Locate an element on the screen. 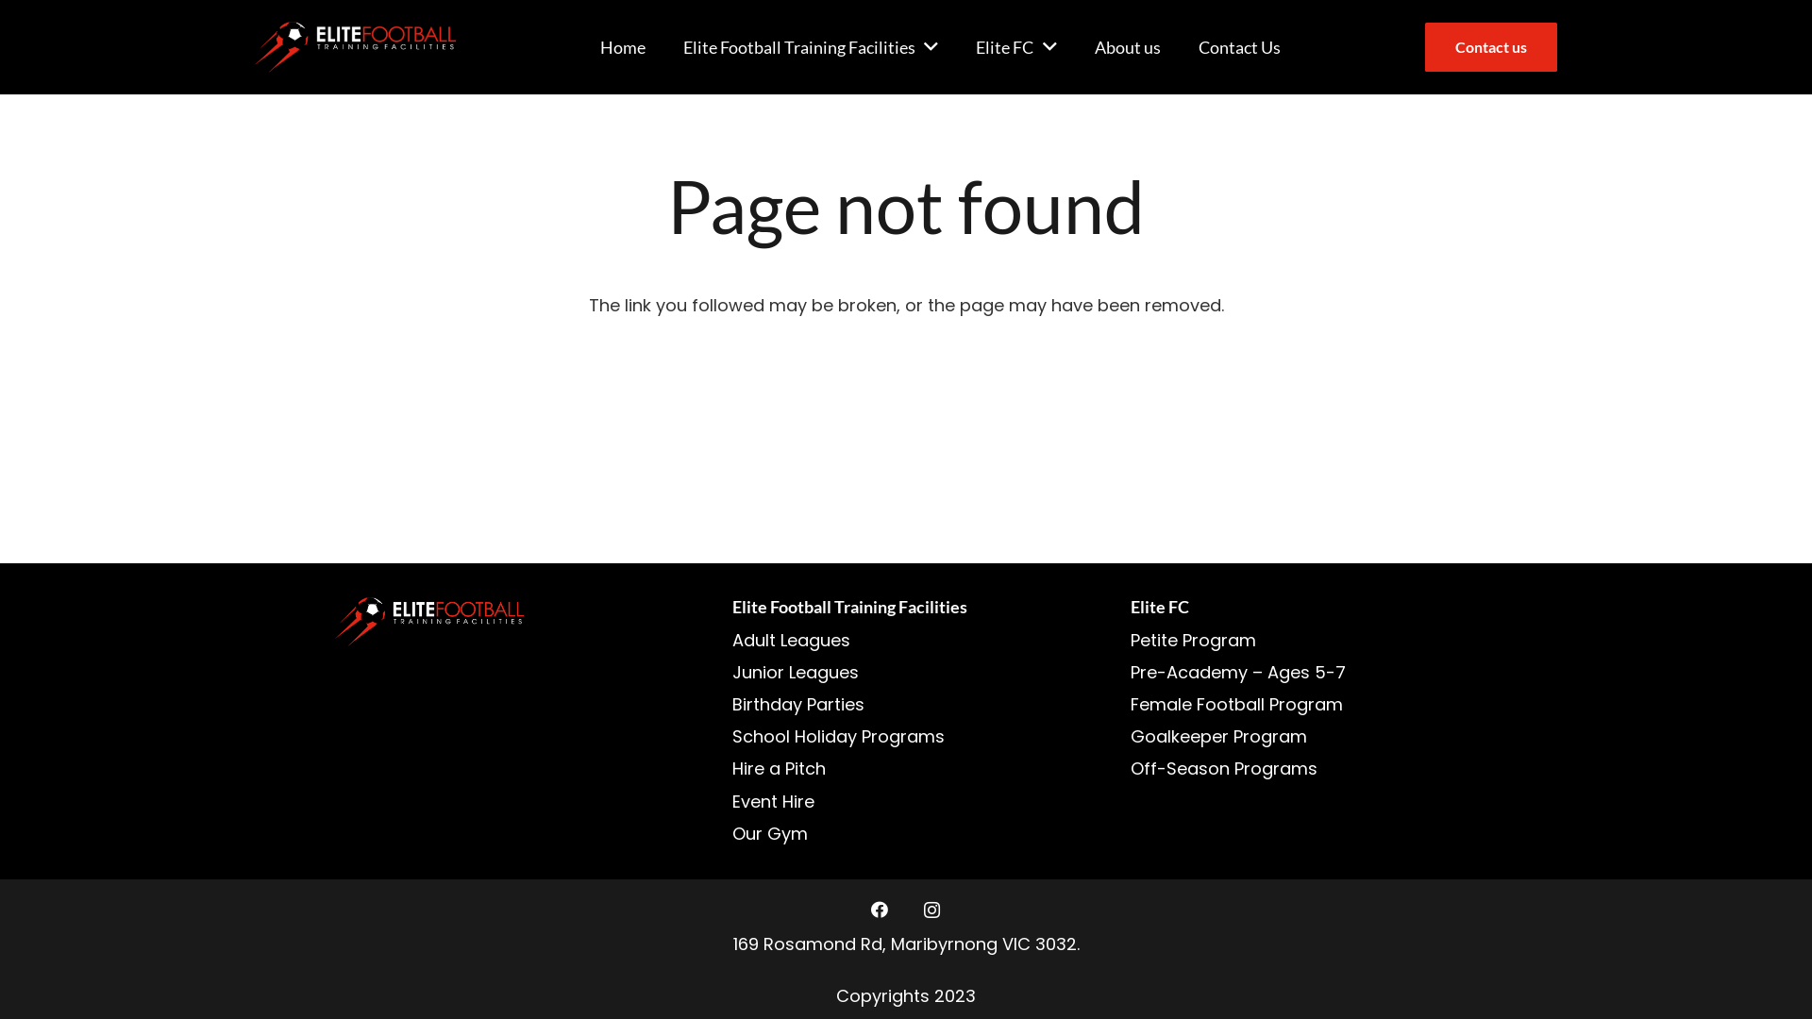 Image resolution: width=1812 pixels, height=1019 pixels. 'Our Gym' is located at coordinates (770, 832).